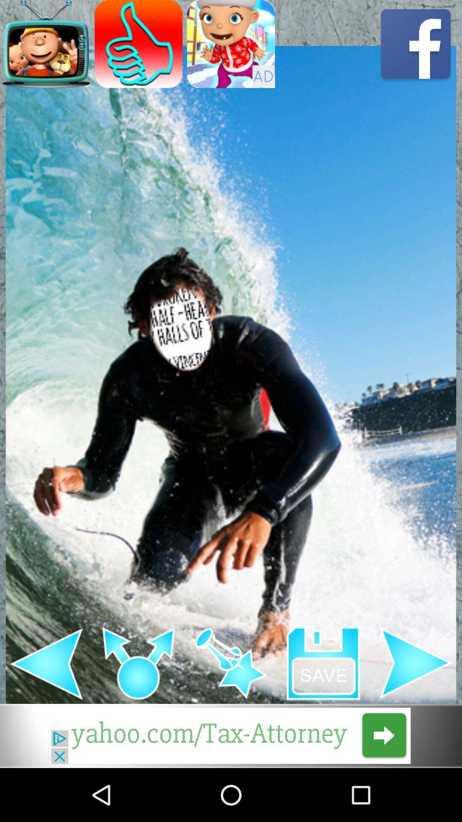  Describe the element at coordinates (46, 710) in the screenshot. I see `the arrow_backward icon` at that location.